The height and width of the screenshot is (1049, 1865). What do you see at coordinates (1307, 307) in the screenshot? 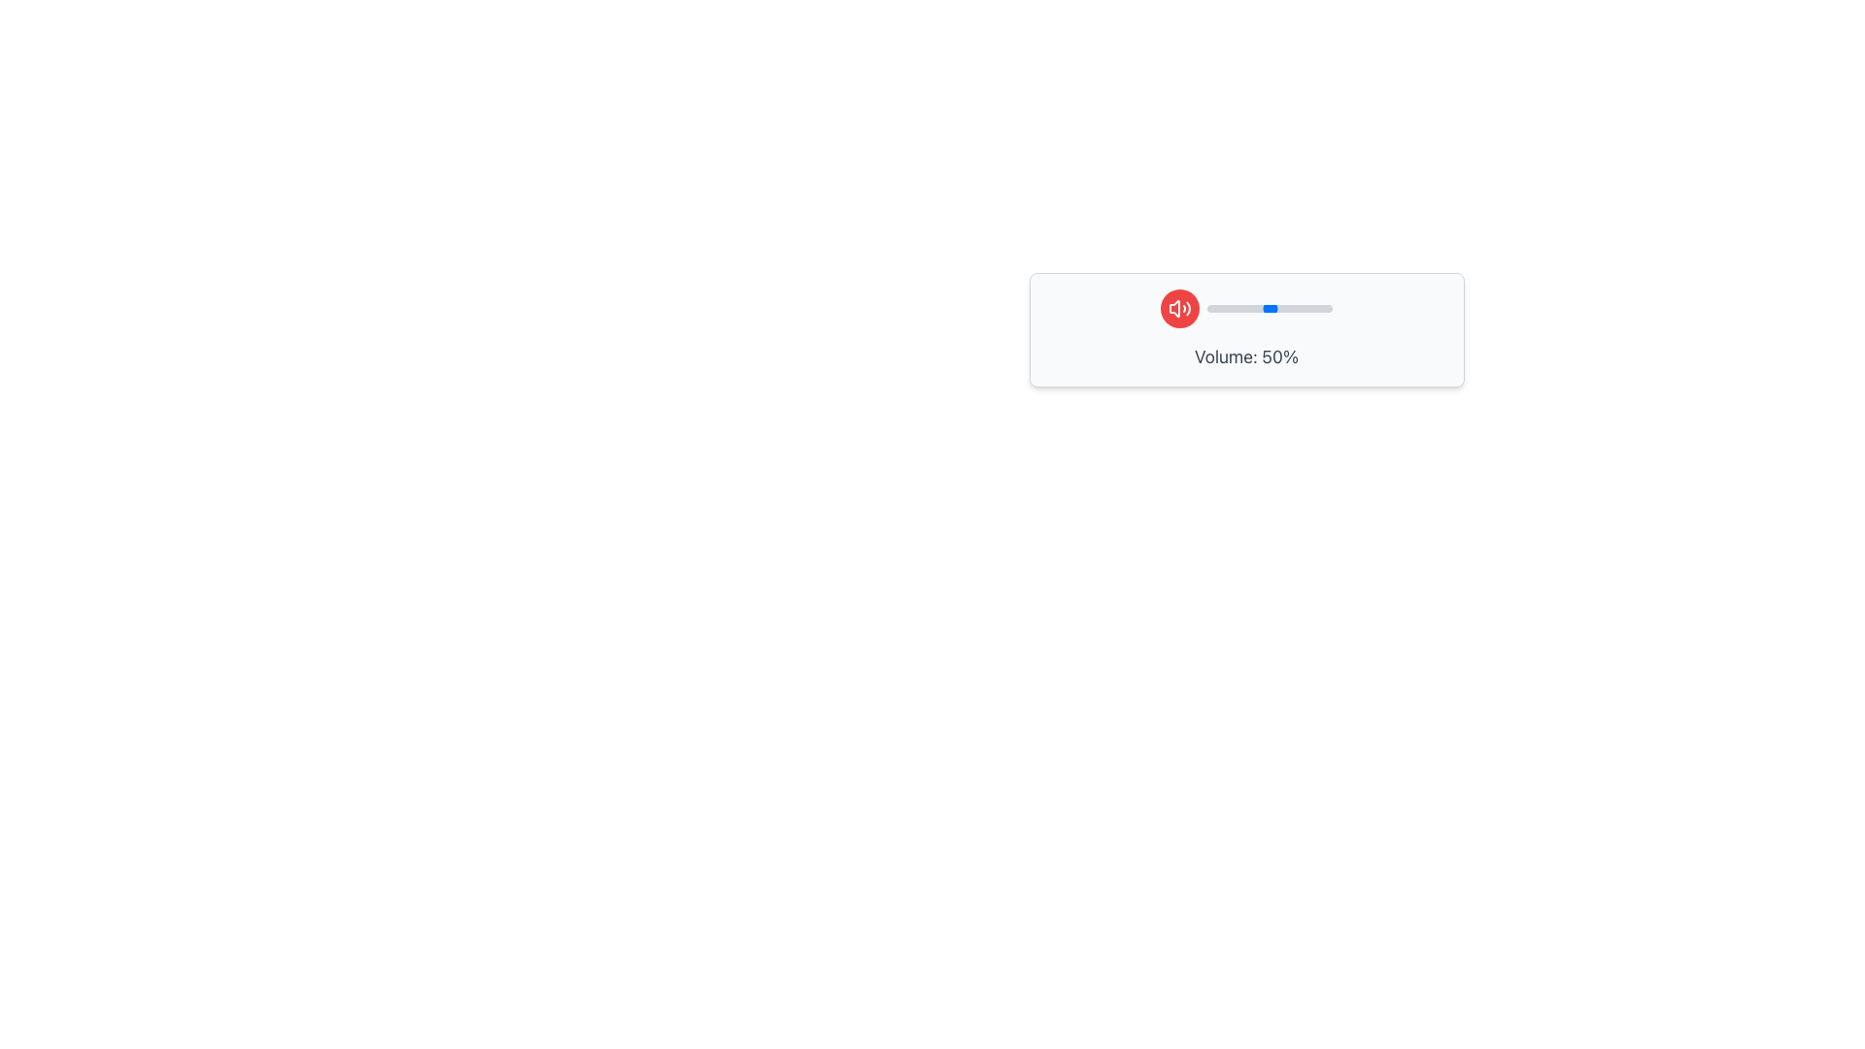
I see `volume` at bounding box center [1307, 307].